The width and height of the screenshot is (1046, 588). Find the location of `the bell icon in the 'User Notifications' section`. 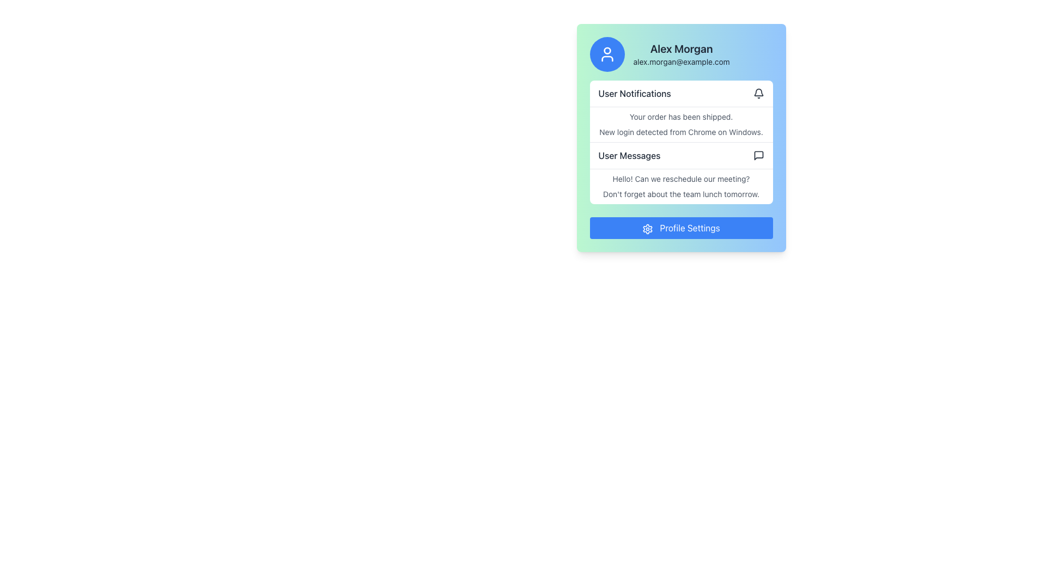

the bell icon in the 'User Notifications' section is located at coordinates (758, 93).